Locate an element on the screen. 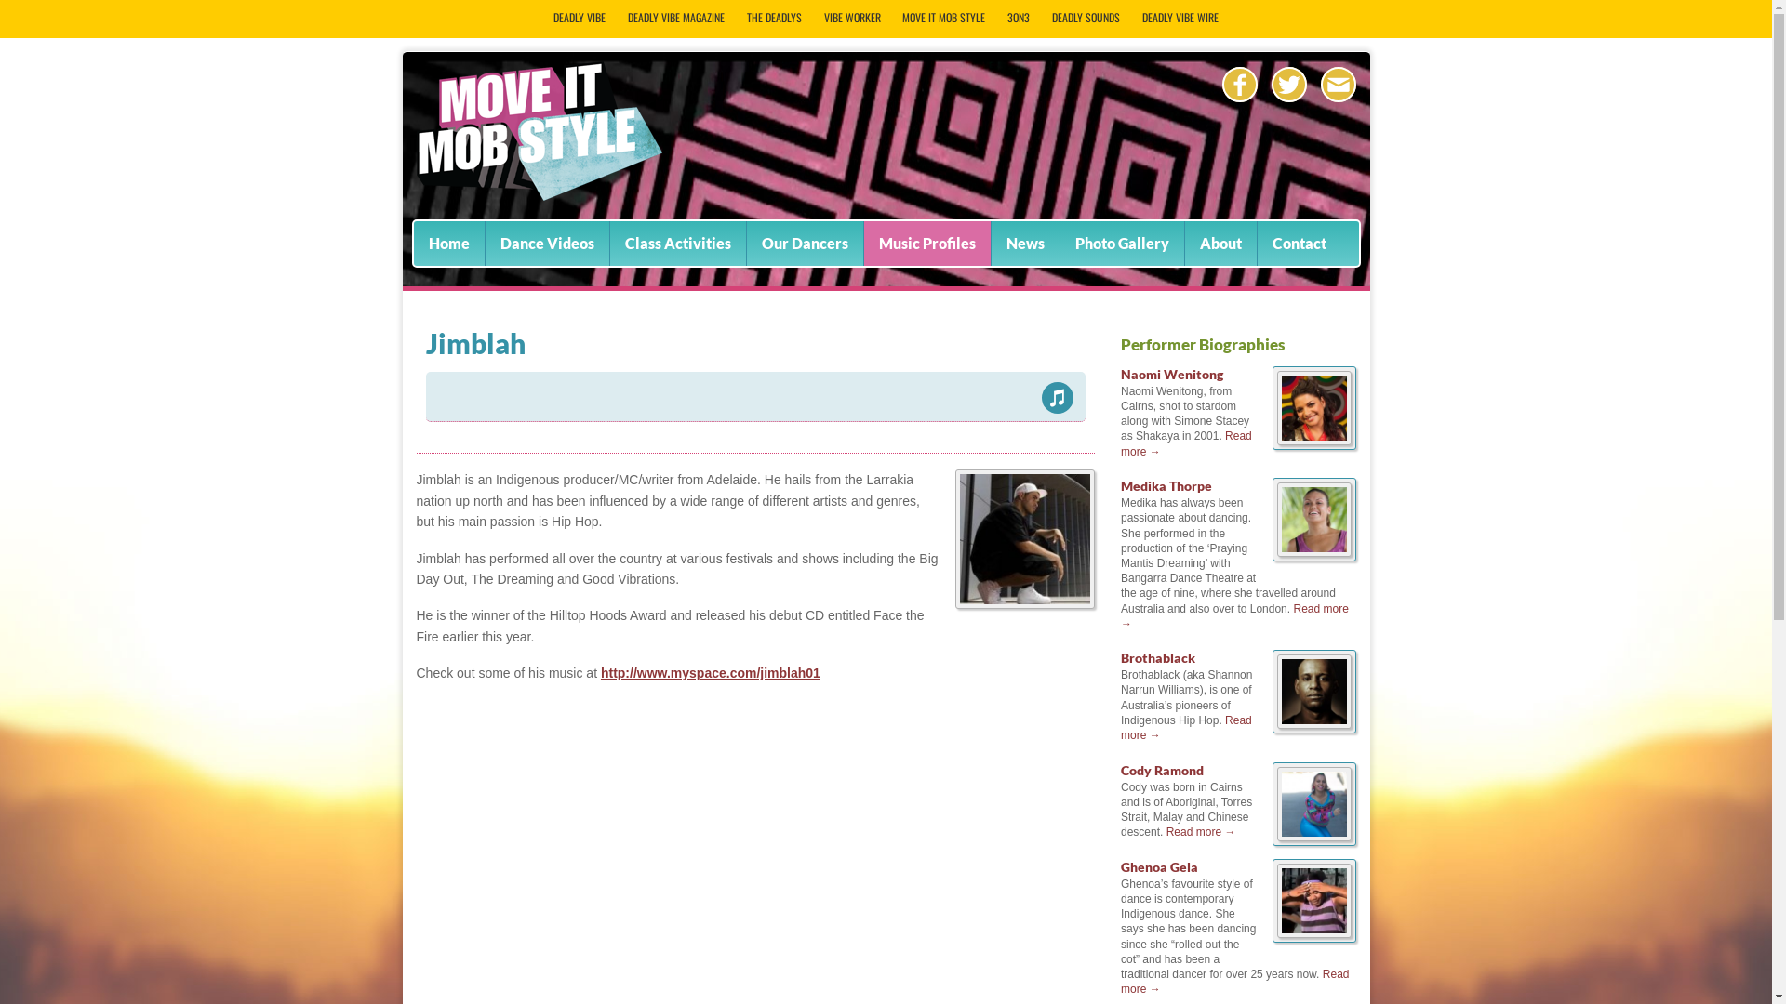 This screenshot has height=1004, width=1786. 'Our Dancers' is located at coordinates (804, 243).